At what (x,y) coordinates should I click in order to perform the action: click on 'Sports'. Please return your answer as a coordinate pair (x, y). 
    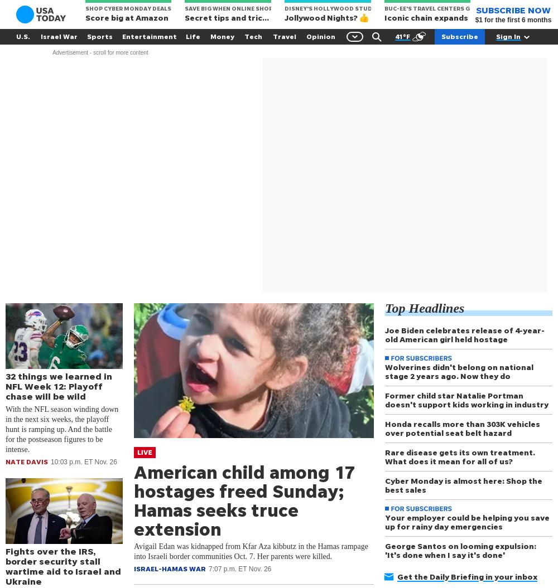
    Looking at the image, I should click on (99, 36).